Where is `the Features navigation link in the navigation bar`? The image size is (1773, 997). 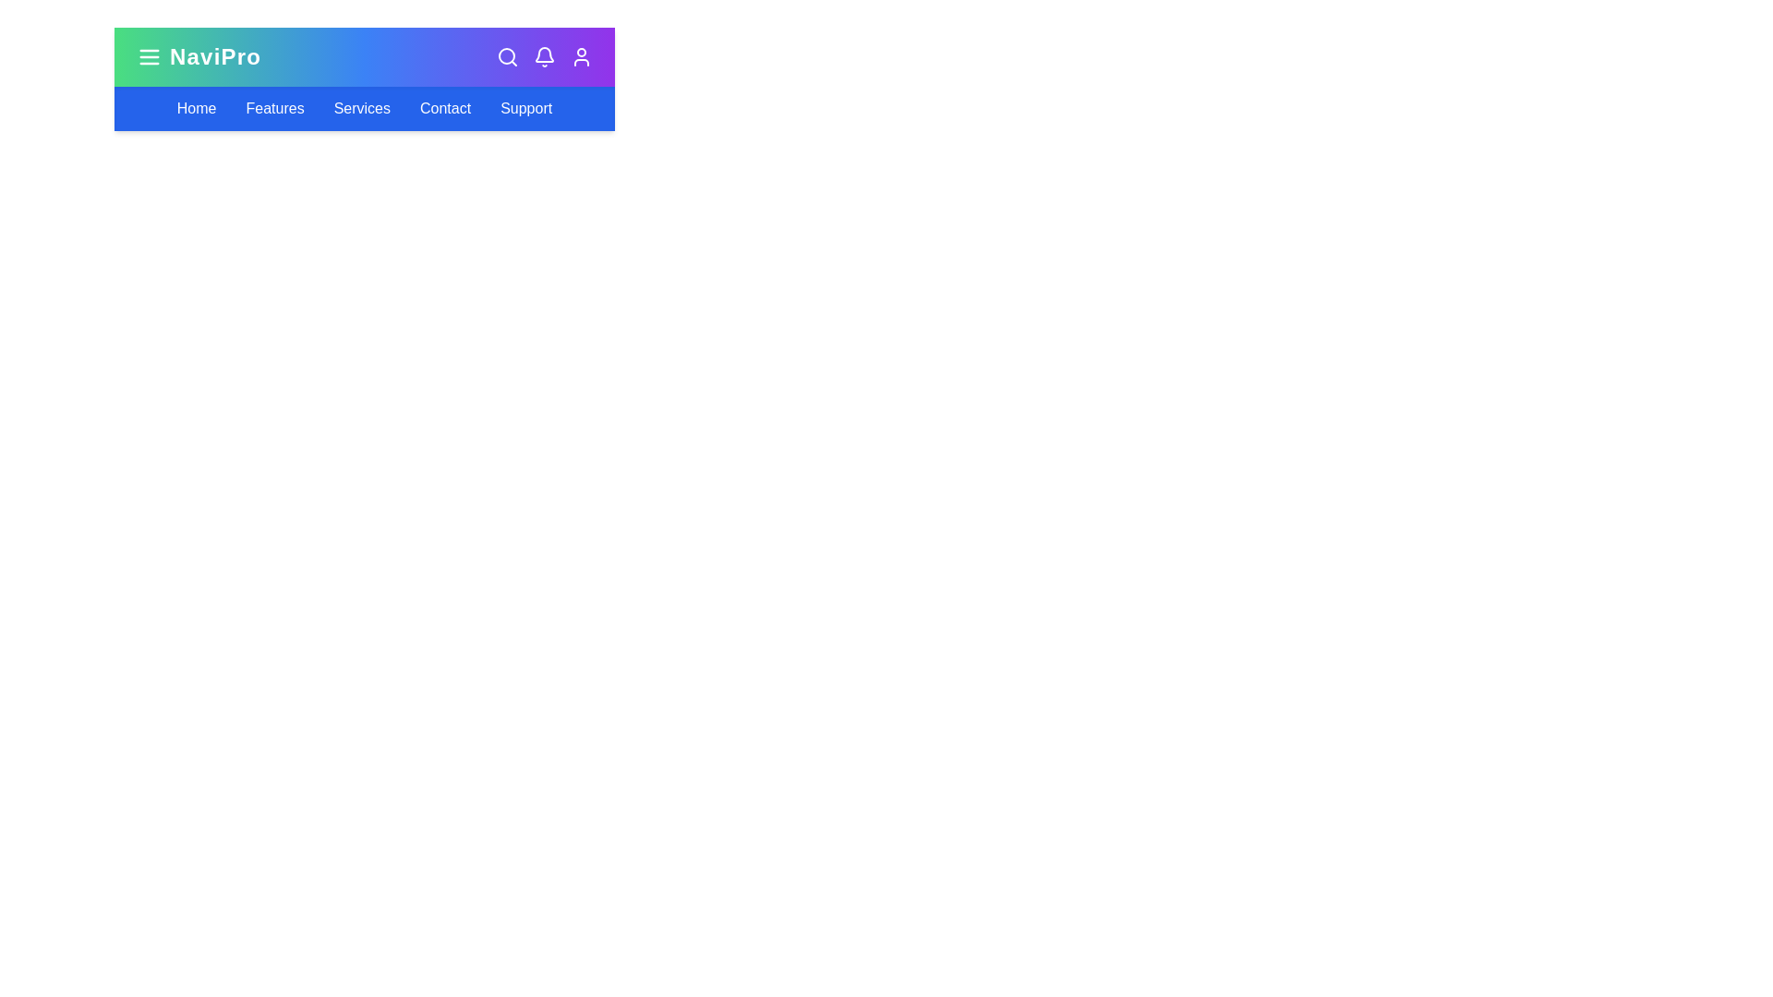
the Features navigation link in the navigation bar is located at coordinates (273, 109).